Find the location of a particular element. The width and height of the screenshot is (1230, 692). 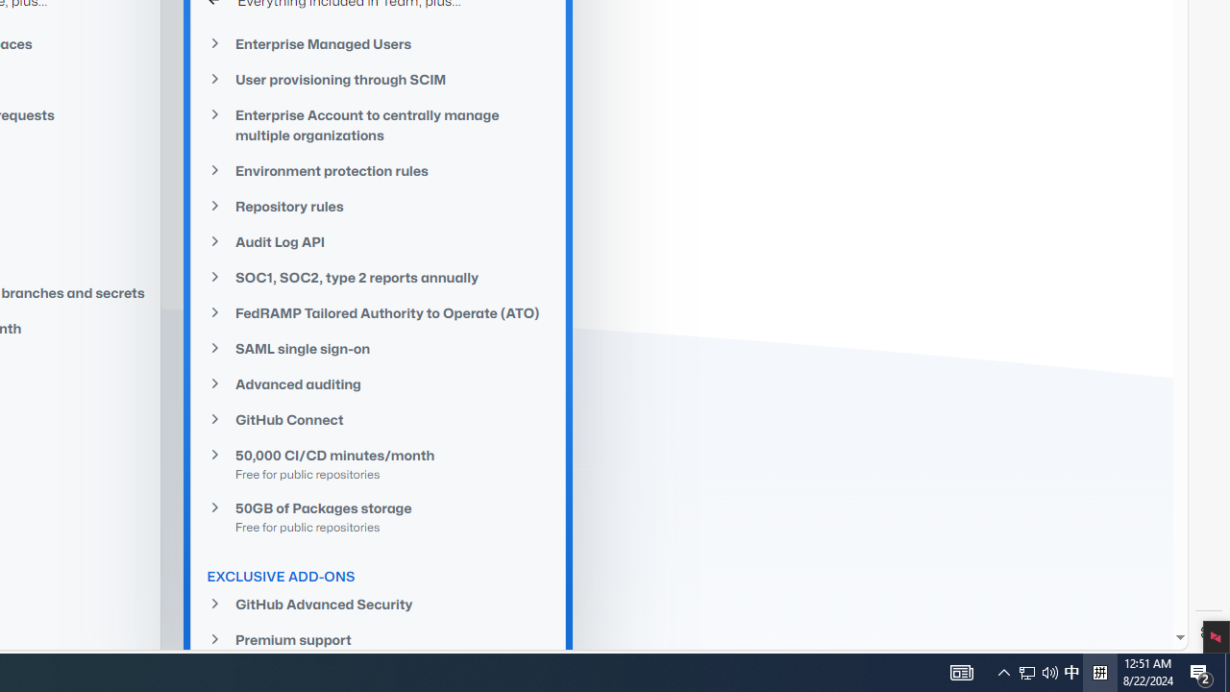

'SAML single sign-on' is located at coordinates (379, 349).